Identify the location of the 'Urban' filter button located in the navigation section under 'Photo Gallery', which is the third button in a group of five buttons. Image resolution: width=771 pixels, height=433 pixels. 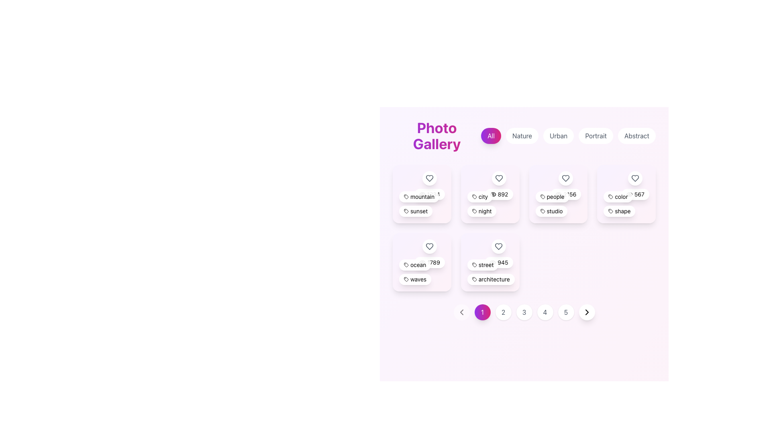
(568, 136).